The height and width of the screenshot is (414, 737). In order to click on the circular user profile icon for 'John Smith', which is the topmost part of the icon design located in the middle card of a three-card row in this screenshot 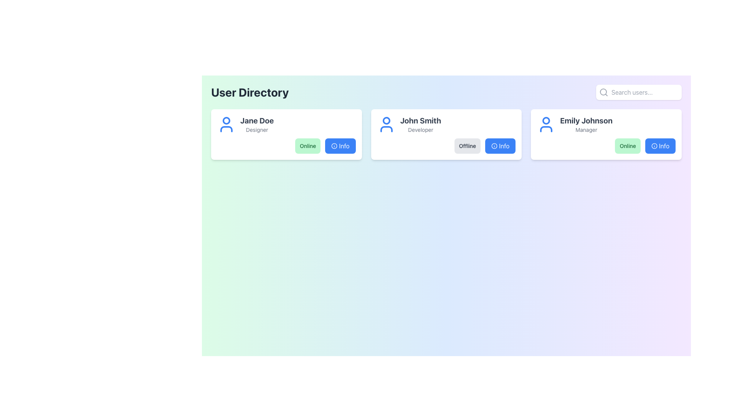, I will do `click(386, 121)`.